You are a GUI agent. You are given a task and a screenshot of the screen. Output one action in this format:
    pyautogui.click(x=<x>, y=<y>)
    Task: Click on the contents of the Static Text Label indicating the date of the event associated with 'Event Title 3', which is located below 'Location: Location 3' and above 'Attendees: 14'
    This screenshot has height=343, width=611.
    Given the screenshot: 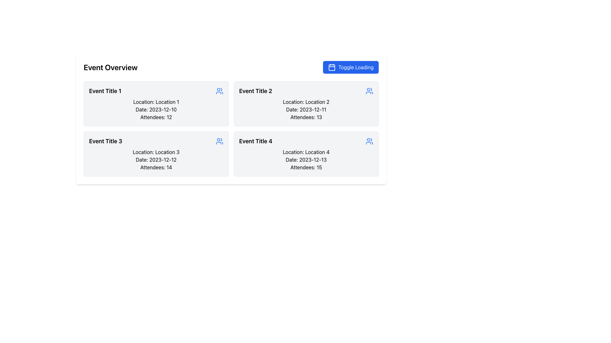 What is the action you would take?
    pyautogui.click(x=156, y=159)
    